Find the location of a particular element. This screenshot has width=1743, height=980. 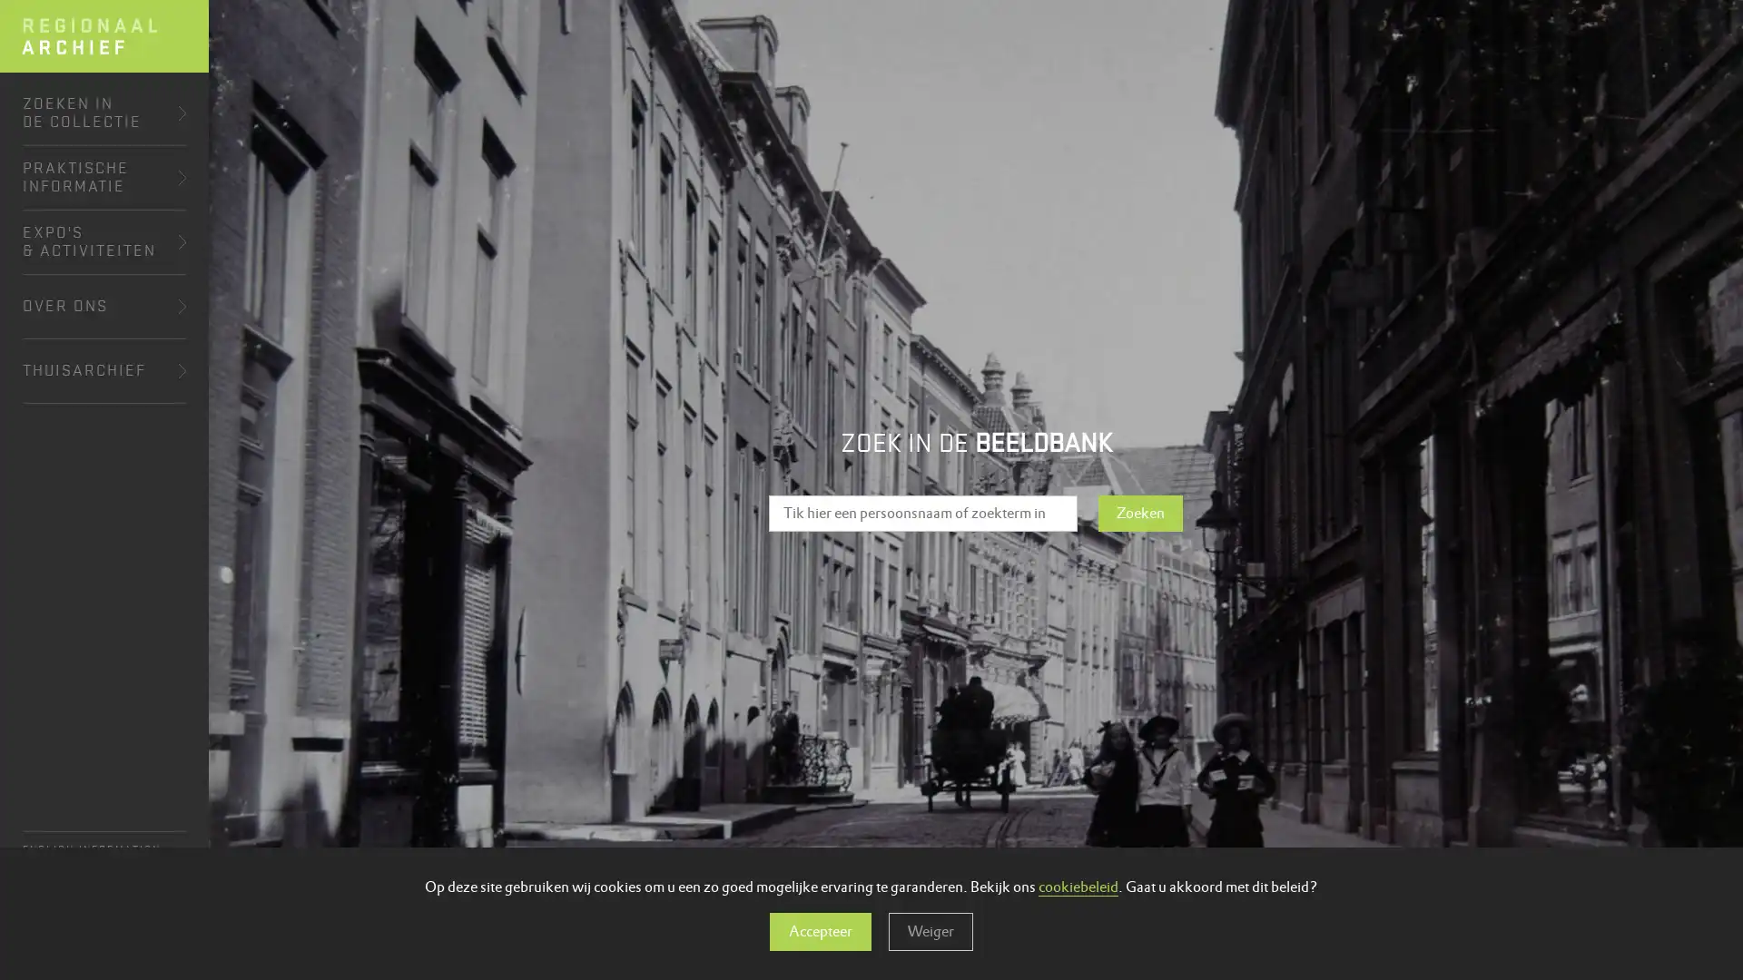

Zoeken is located at coordinates (1139, 514).